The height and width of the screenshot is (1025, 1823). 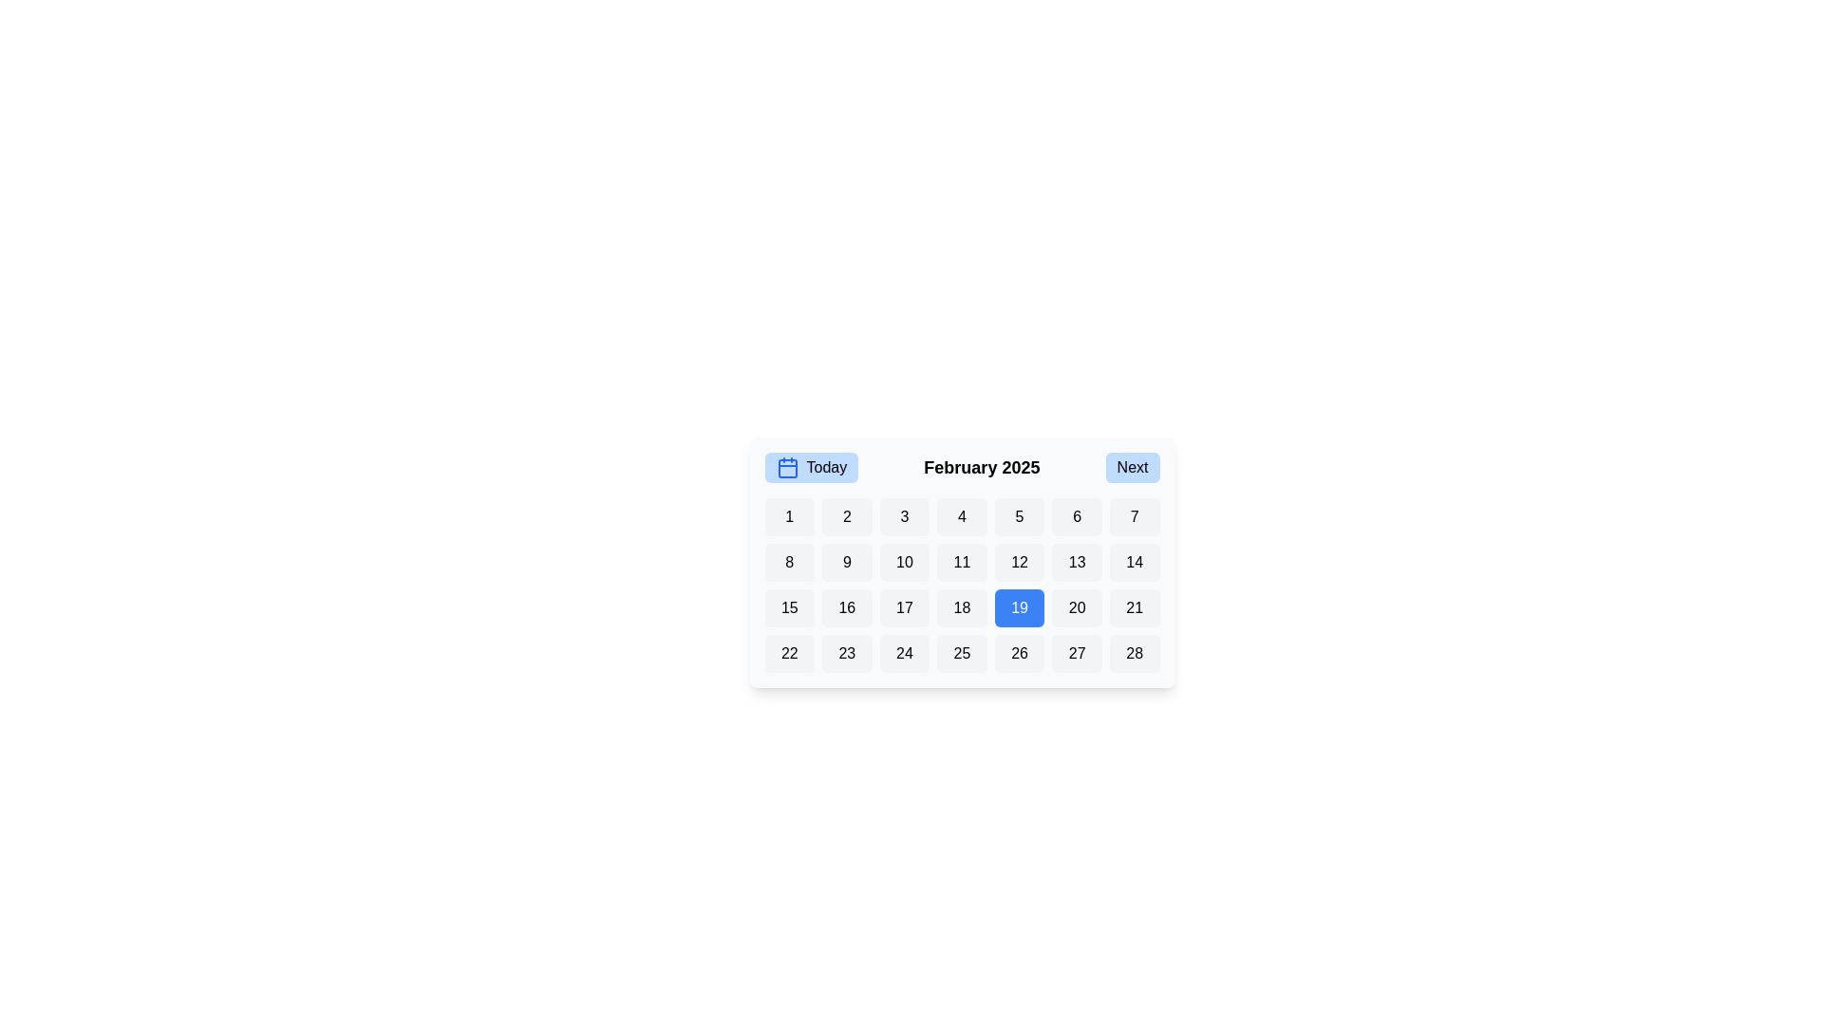 I want to click on the 'Today' button to return to the current date, so click(x=811, y=468).